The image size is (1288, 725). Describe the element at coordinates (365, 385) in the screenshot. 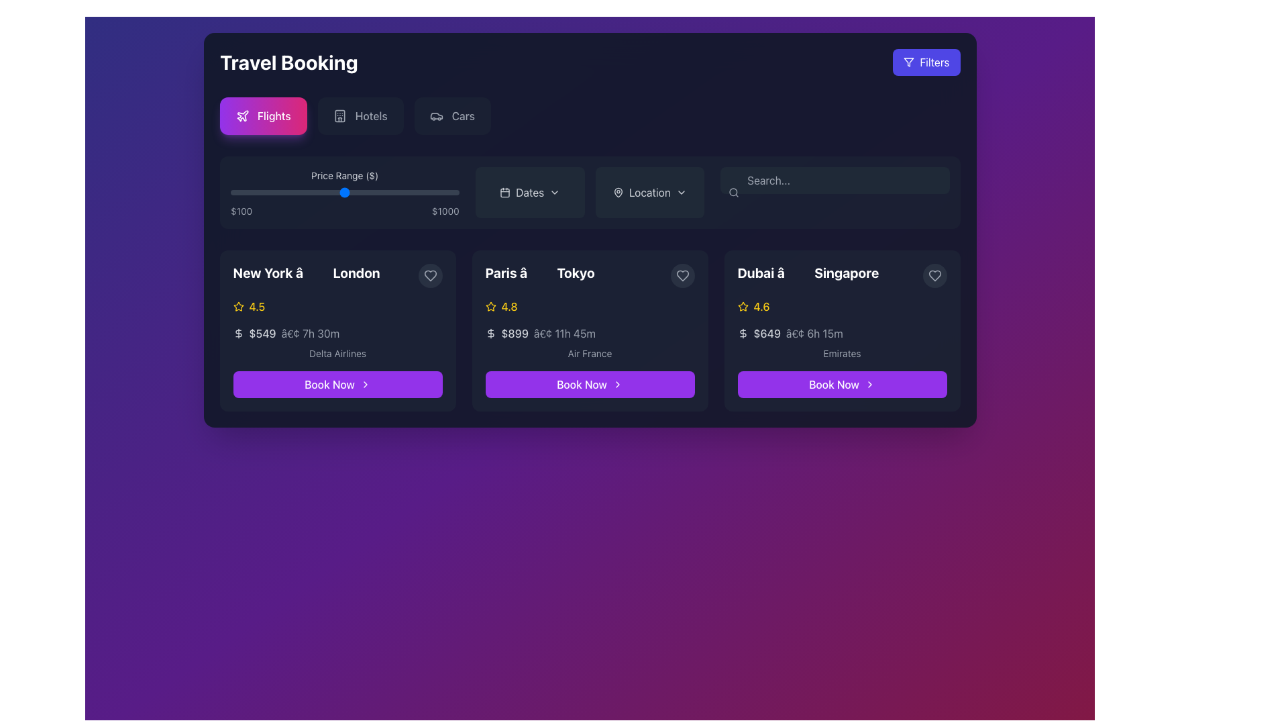

I see `the right-facing chevron icon inside the 'Book Now' button to indicate a forward action` at that location.